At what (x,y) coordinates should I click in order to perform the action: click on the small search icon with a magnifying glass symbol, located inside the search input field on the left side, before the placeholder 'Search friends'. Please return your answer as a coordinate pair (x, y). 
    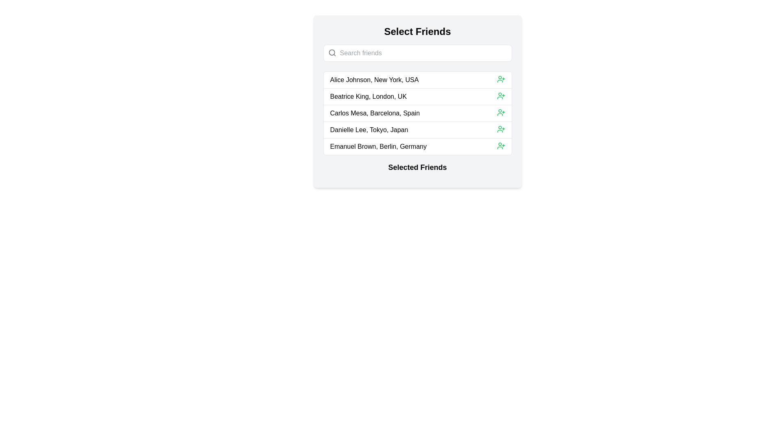
    Looking at the image, I should click on (332, 53).